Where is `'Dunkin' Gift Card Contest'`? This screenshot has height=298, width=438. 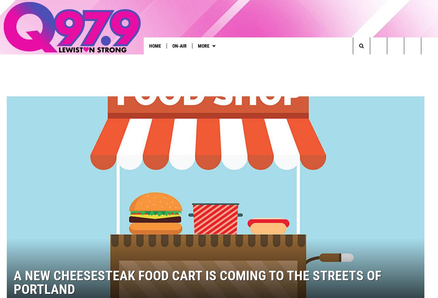 'Dunkin' Gift Card Contest' is located at coordinates (183, 60).